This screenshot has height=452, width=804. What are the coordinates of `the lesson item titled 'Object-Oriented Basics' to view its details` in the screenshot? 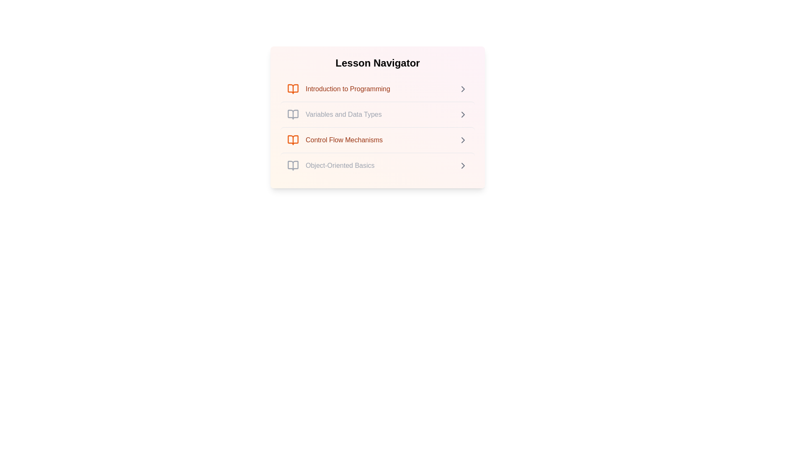 It's located at (377, 165).